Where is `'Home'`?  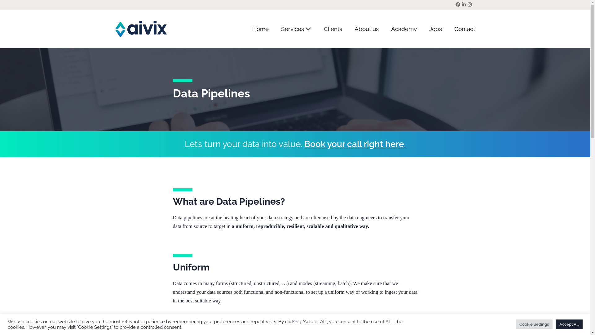
'Home' is located at coordinates (260, 29).